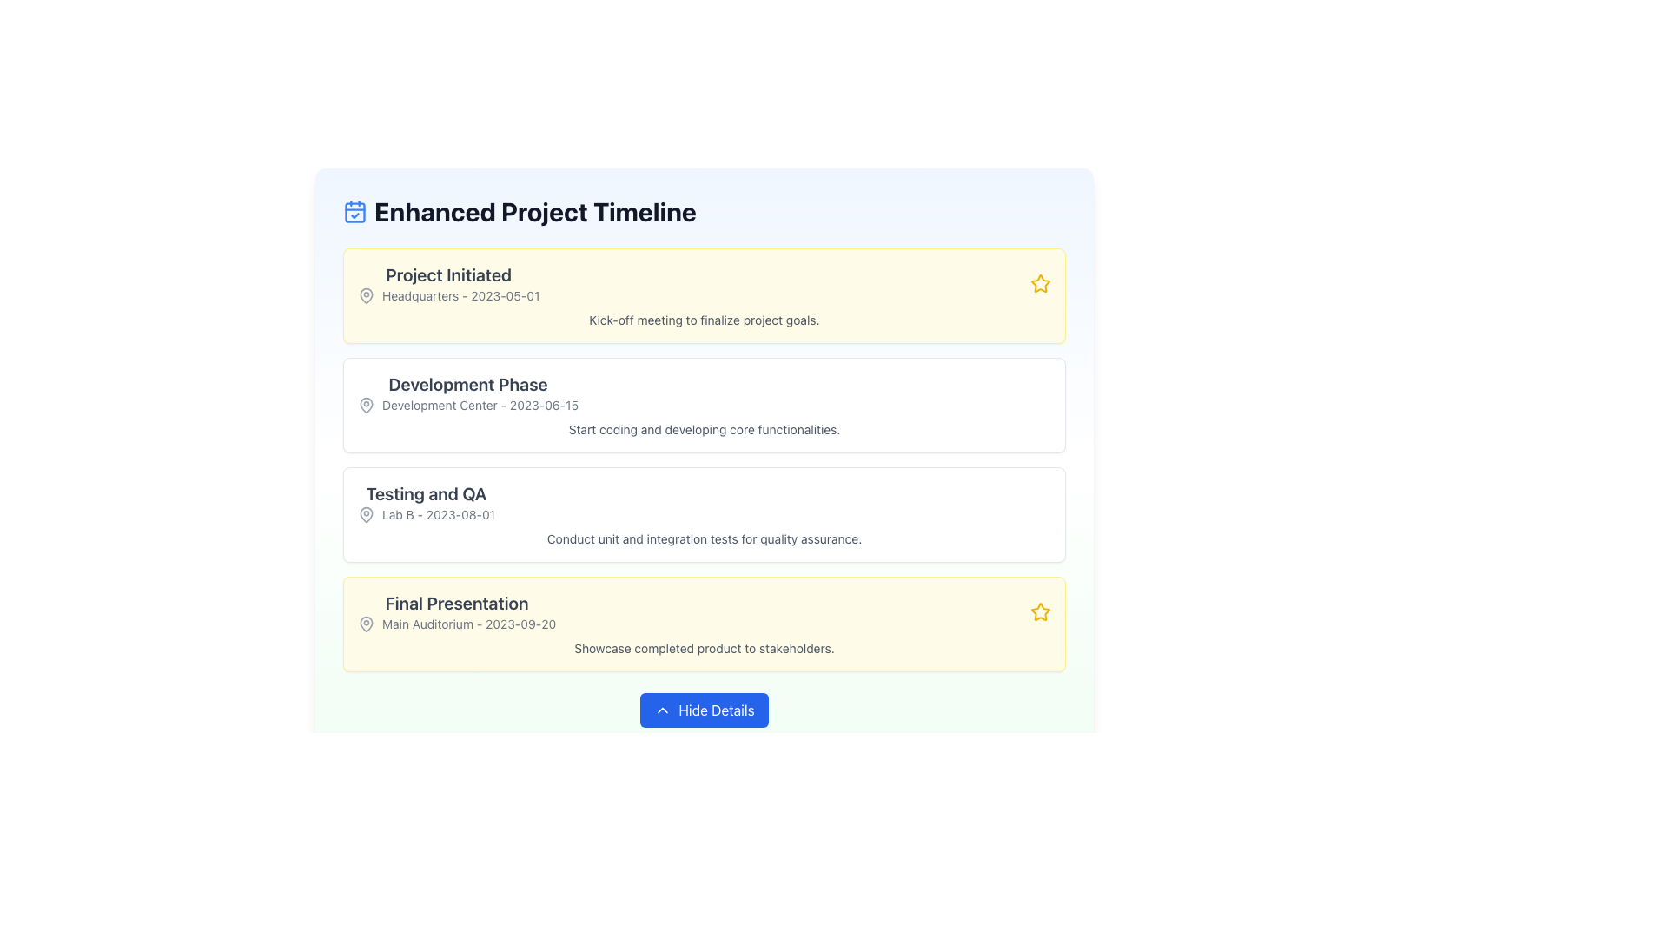 This screenshot has width=1668, height=938. Describe the element at coordinates (448, 283) in the screenshot. I see `to select or focus on the title and subtitle for the 'Project Initiated' phase located at the topmost yellow panel of a vertical list` at that location.